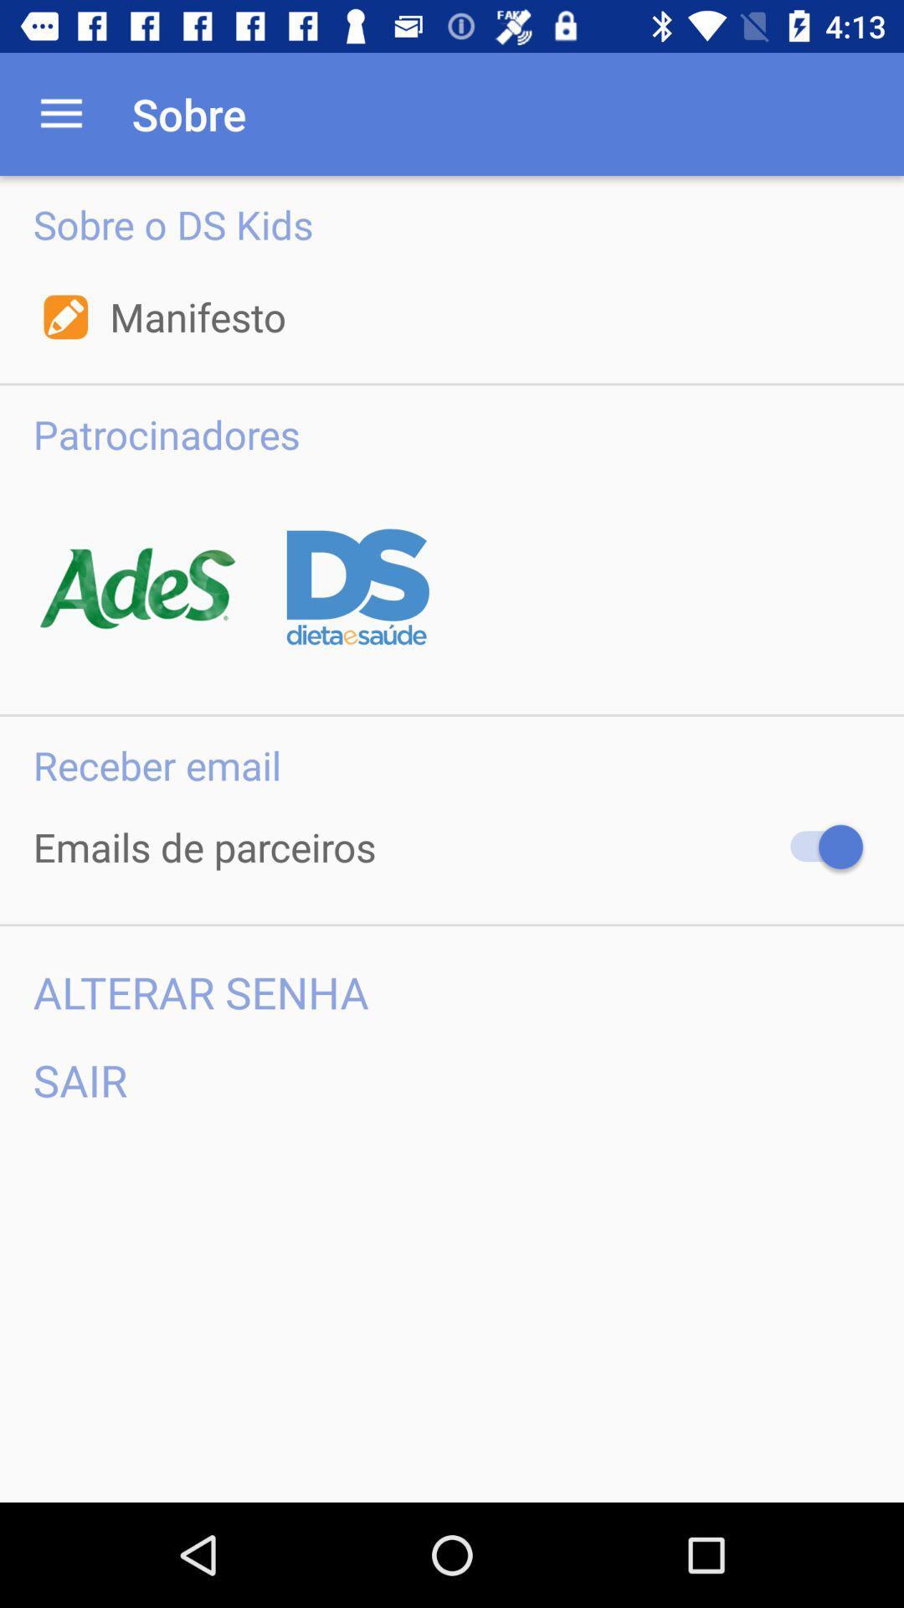 The width and height of the screenshot is (904, 1608). Describe the element at coordinates (818, 847) in the screenshot. I see `the item below receber email icon` at that location.